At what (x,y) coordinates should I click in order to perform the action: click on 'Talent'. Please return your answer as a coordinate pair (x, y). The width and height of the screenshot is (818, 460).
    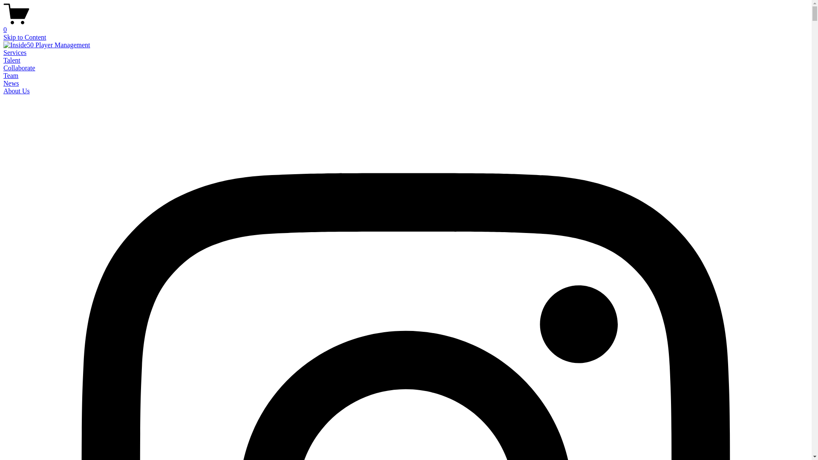
    Looking at the image, I should click on (12, 60).